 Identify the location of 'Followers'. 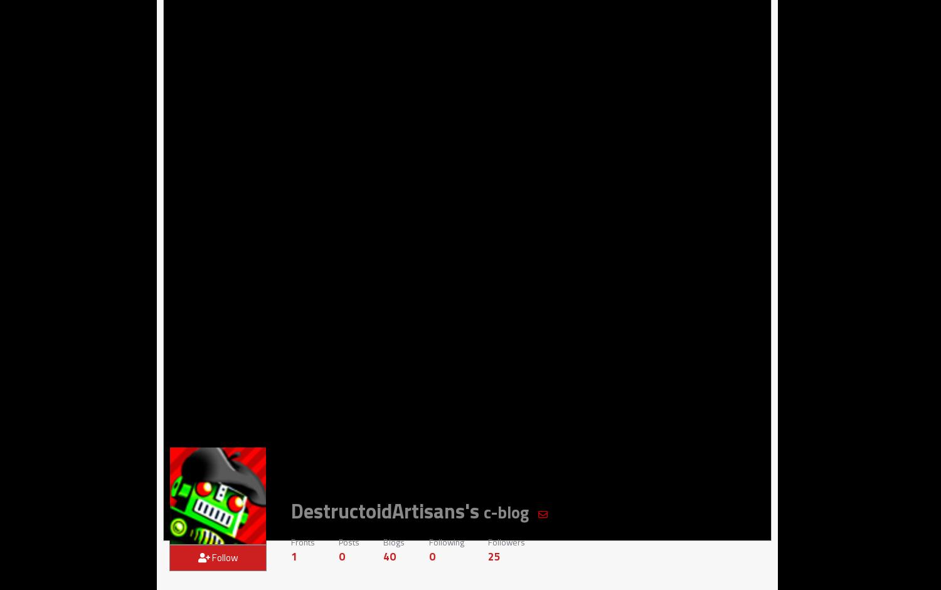
(506, 541).